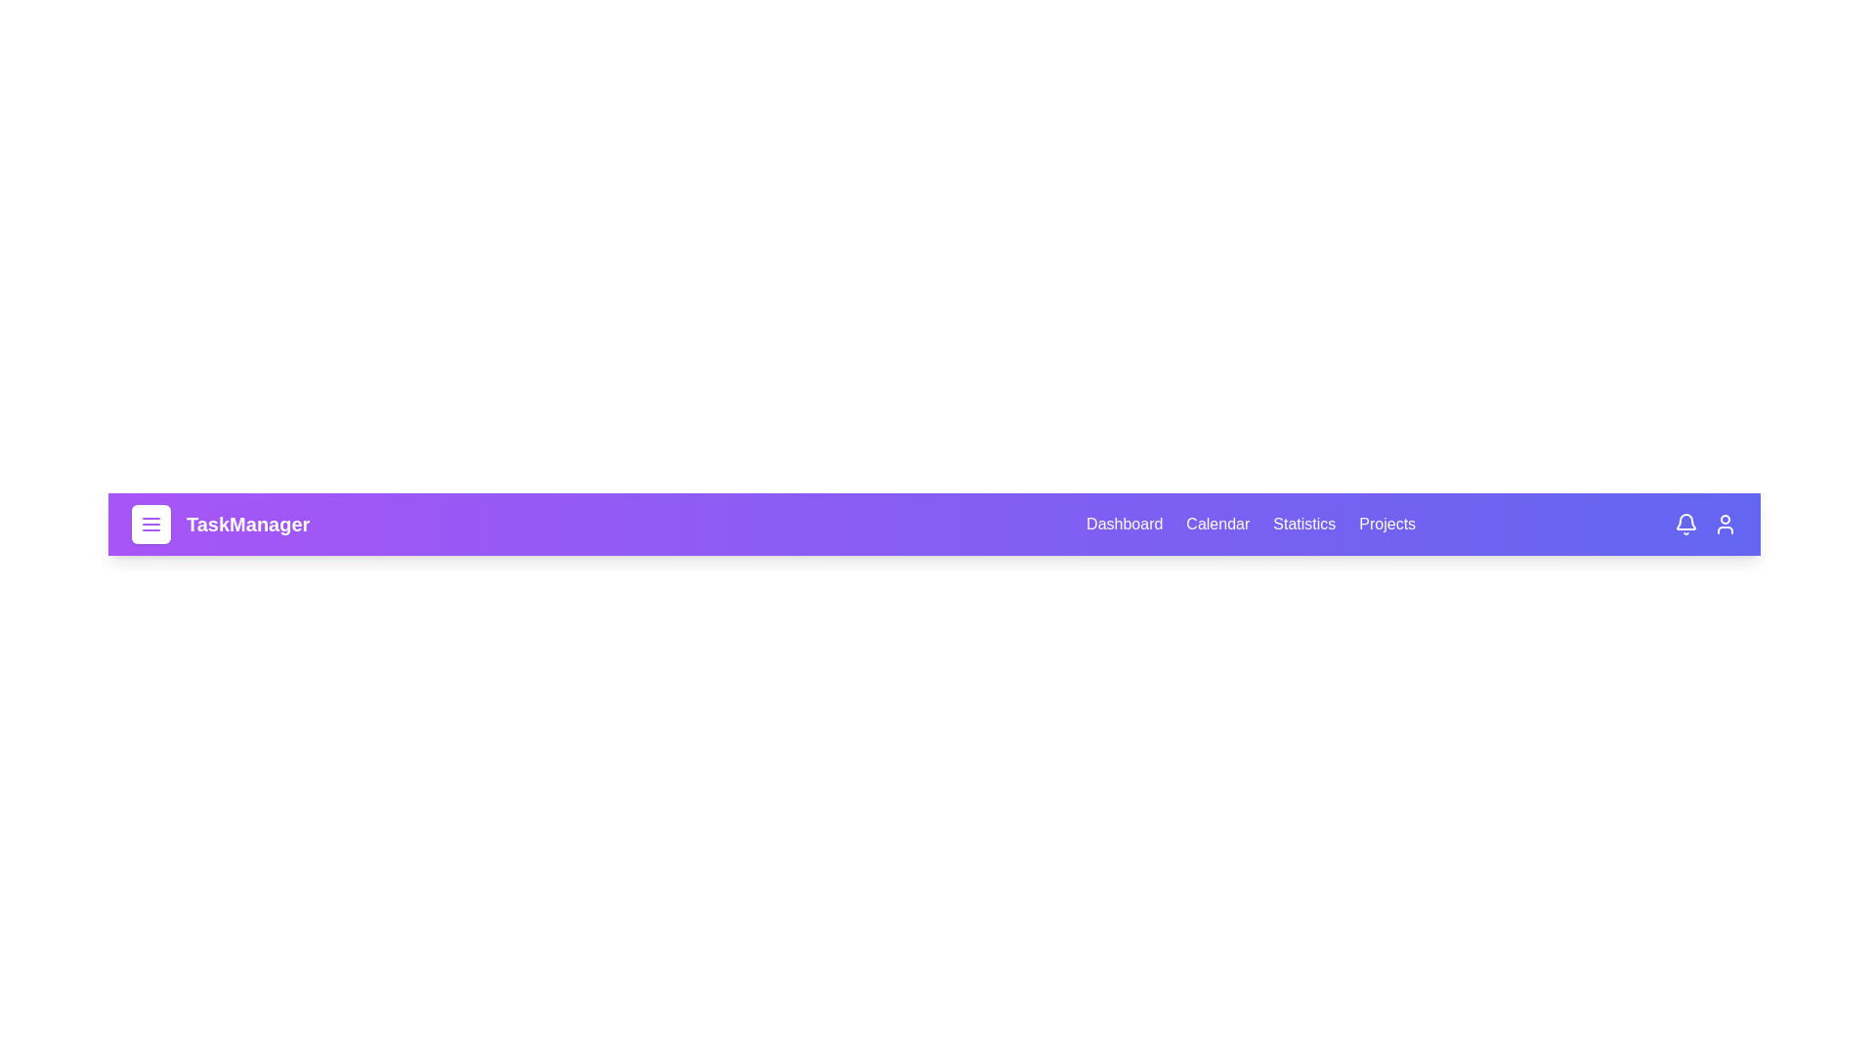  What do you see at coordinates (247, 523) in the screenshot?
I see `the 'TaskManager' logo to navigate to the homepage` at bounding box center [247, 523].